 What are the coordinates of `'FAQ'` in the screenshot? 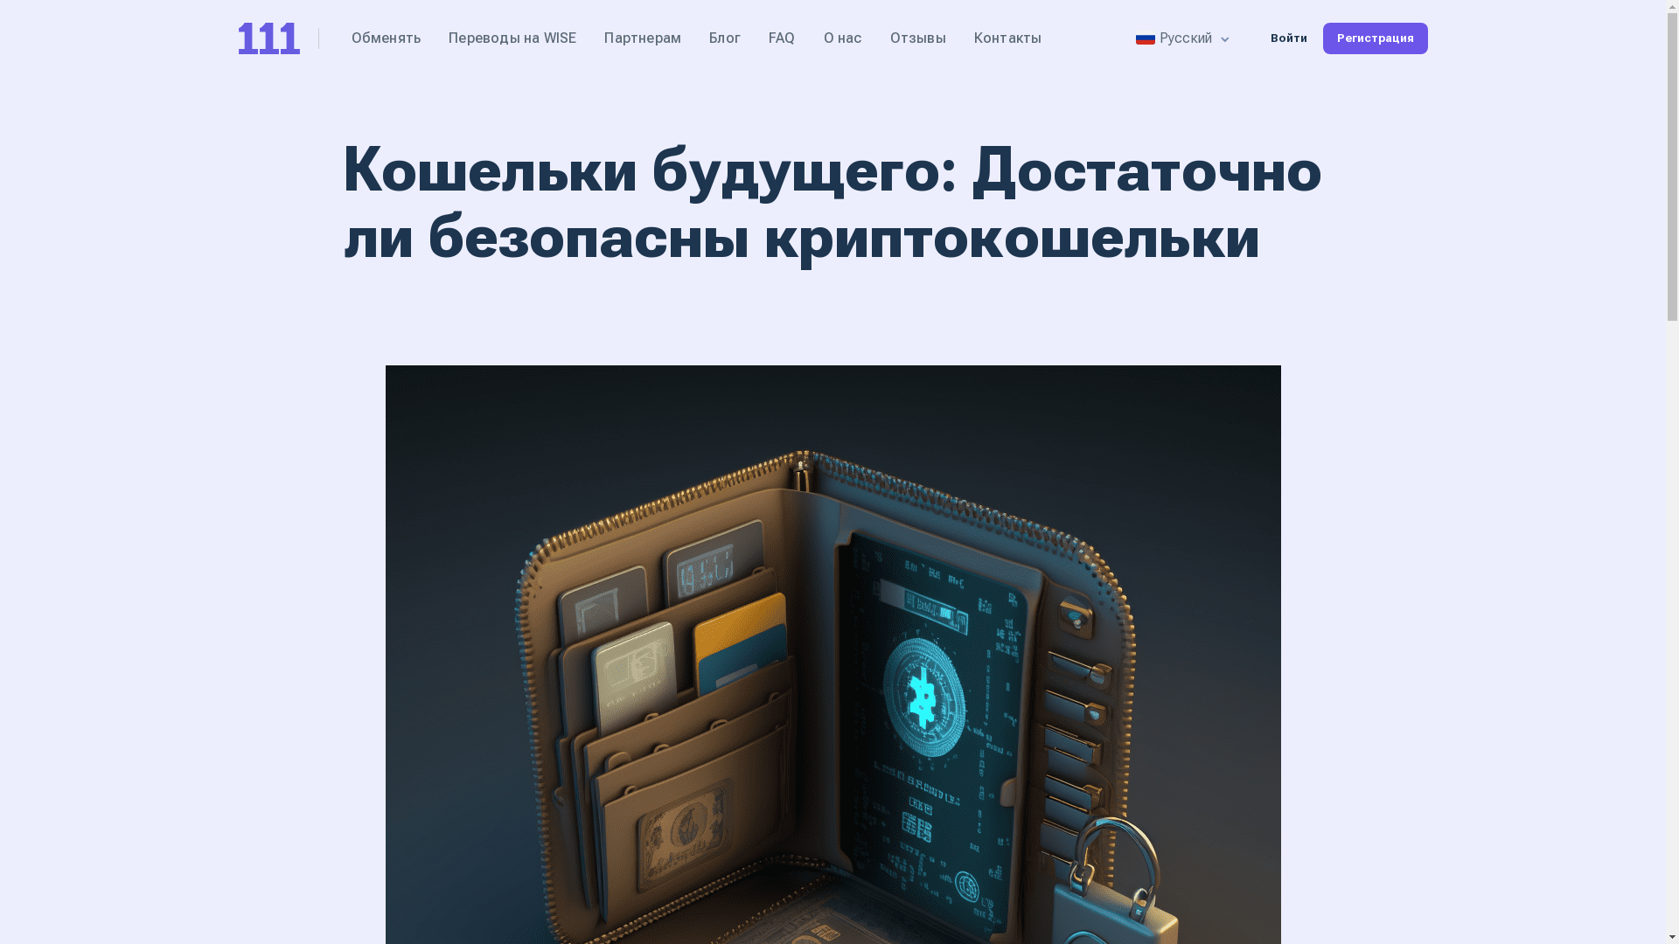 It's located at (768, 38).